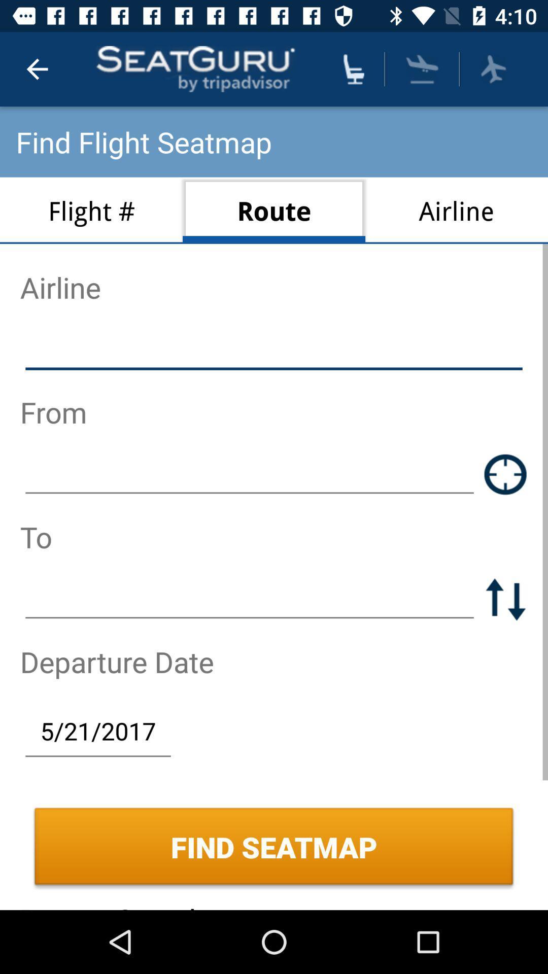 The image size is (548, 974). Describe the element at coordinates (505, 474) in the screenshot. I see `address from route map` at that location.